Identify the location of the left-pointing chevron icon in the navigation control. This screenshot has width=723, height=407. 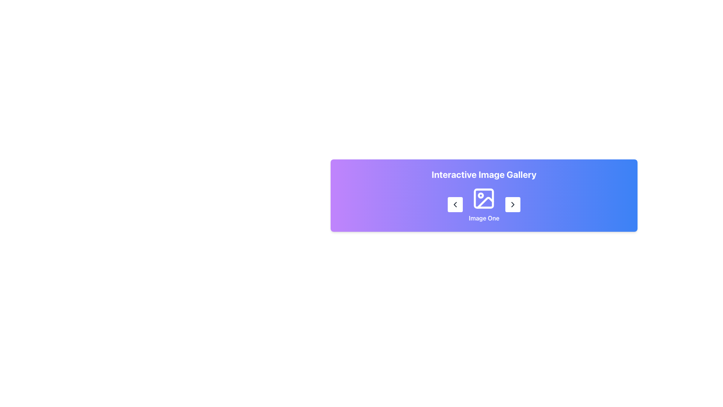
(455, 205).